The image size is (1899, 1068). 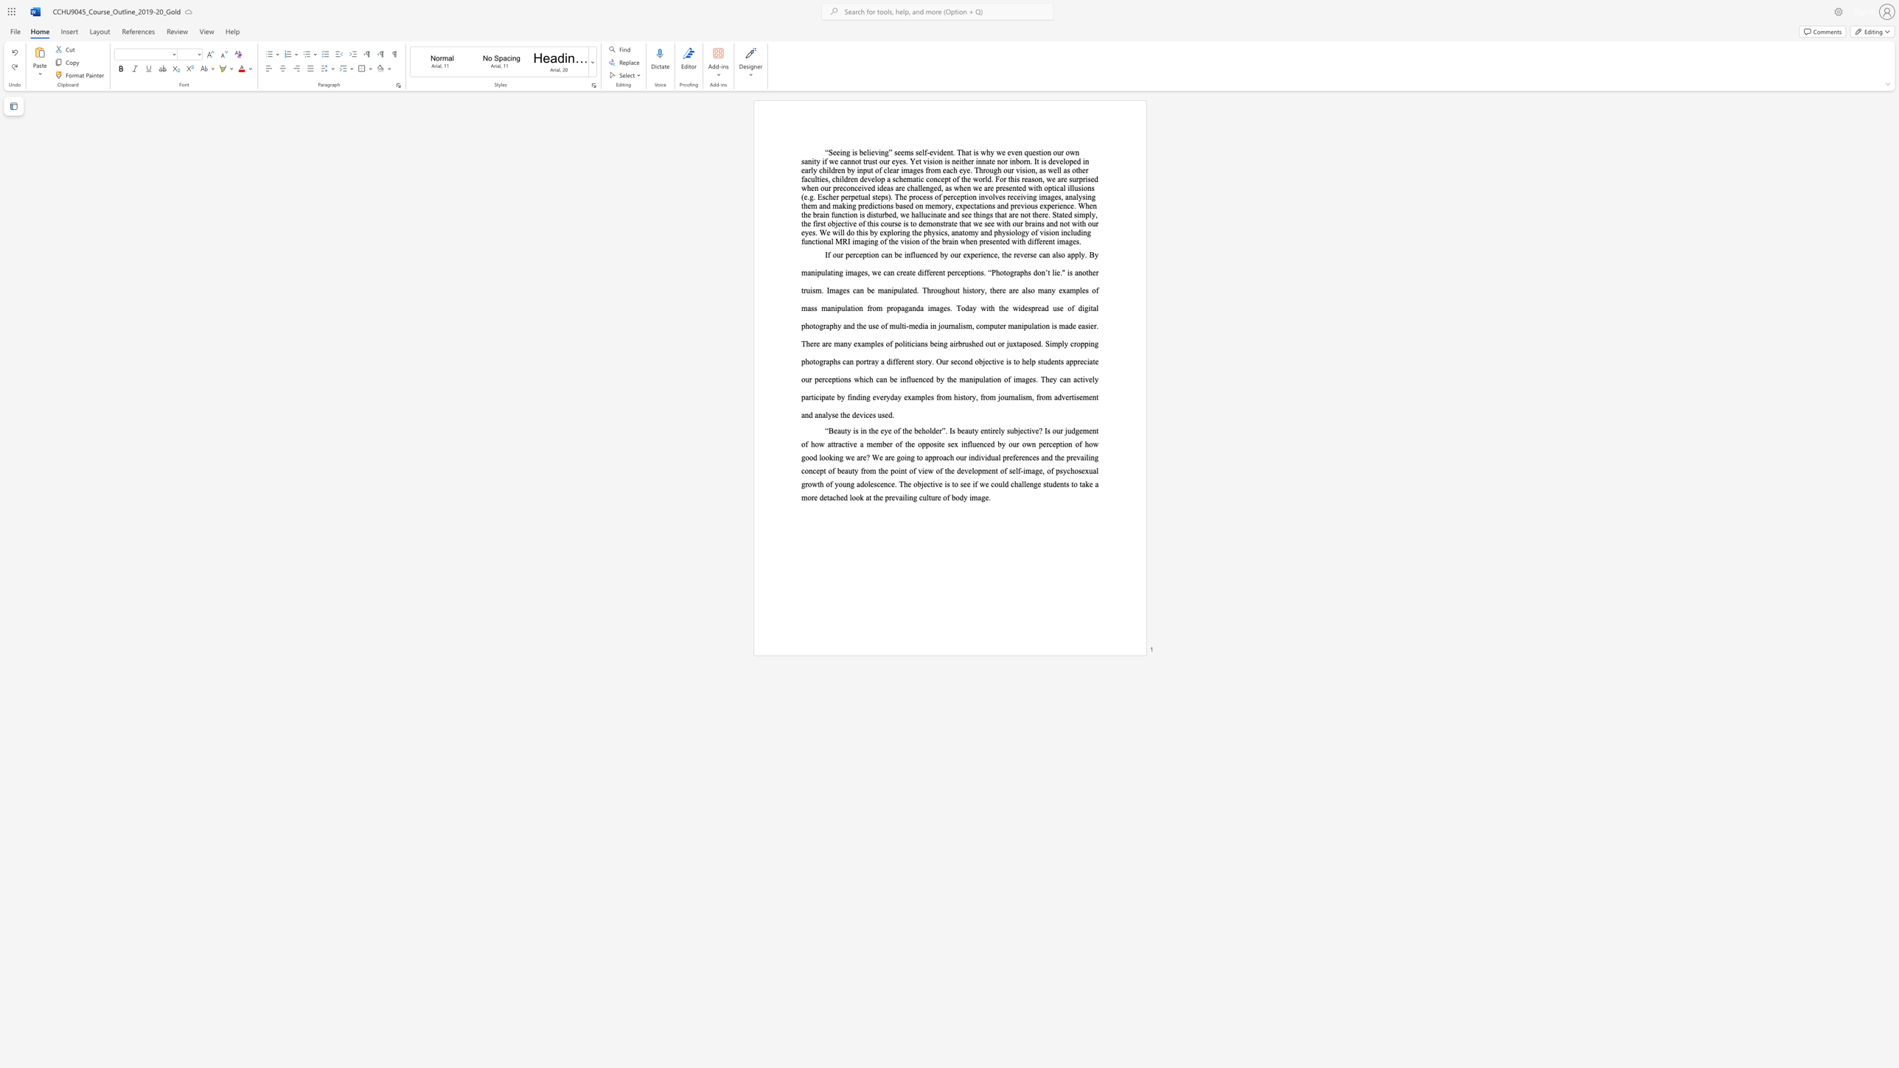 What do you see at coordinates (896, 484) in the screenshot?
I see `the 2th character "." in the text` at bounding box center [896, 484].